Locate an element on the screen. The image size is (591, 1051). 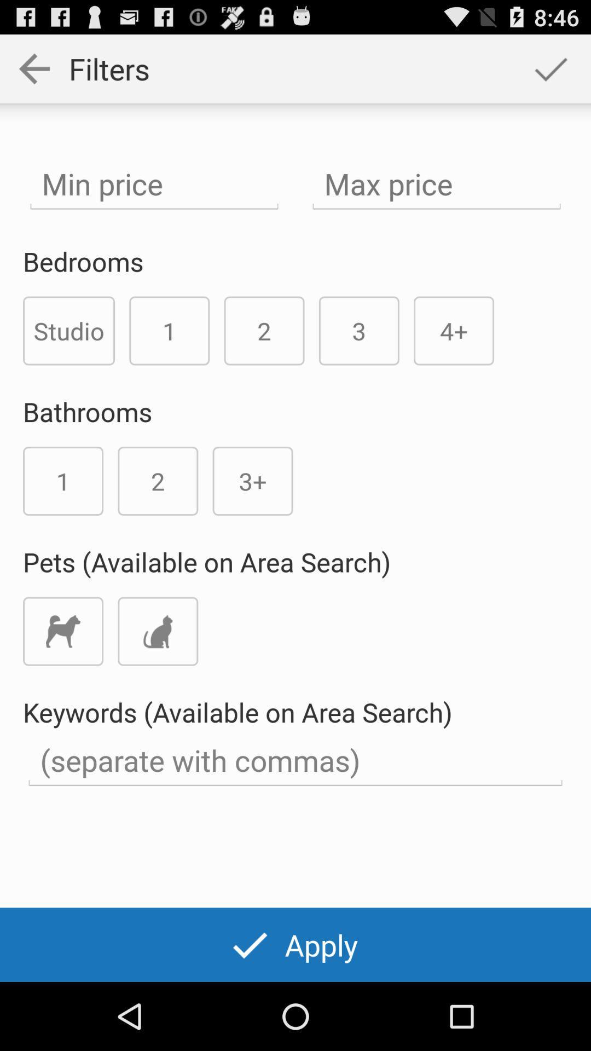
the item to the right of the 3 icon is located at coordinates (454, 330).